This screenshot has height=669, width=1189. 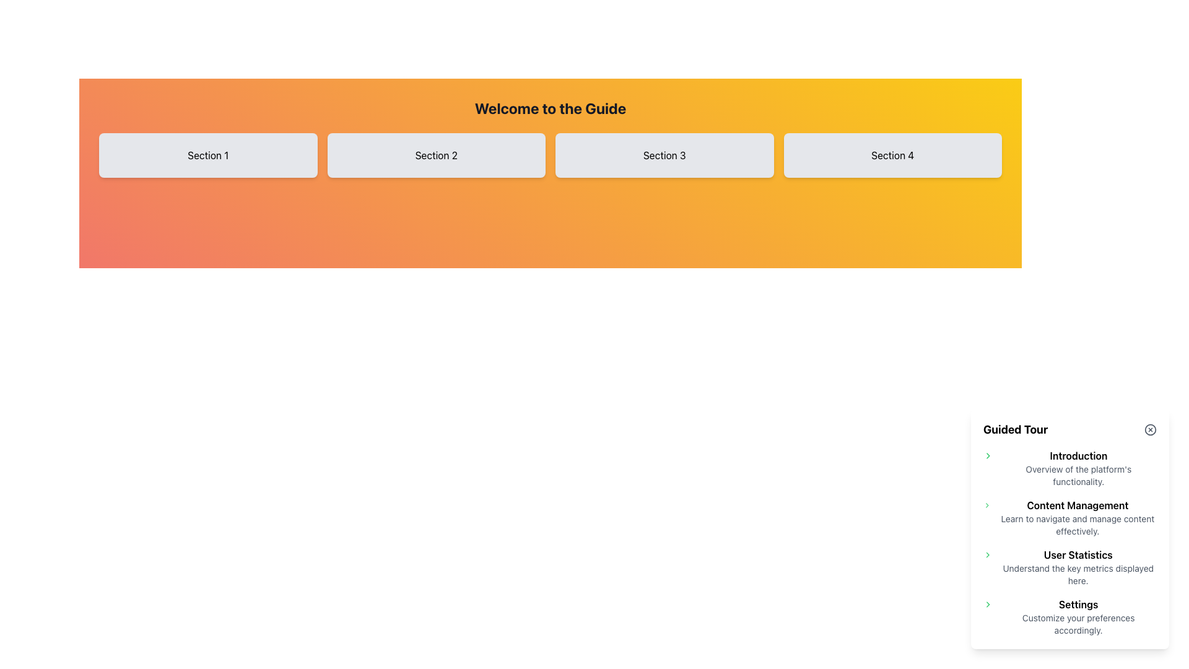 I want to click on text label that says 'Customize your preferences accordingly.' located below the 'Settings' heading in the bottom-right section of the interface, so click(x=1078, y=624).